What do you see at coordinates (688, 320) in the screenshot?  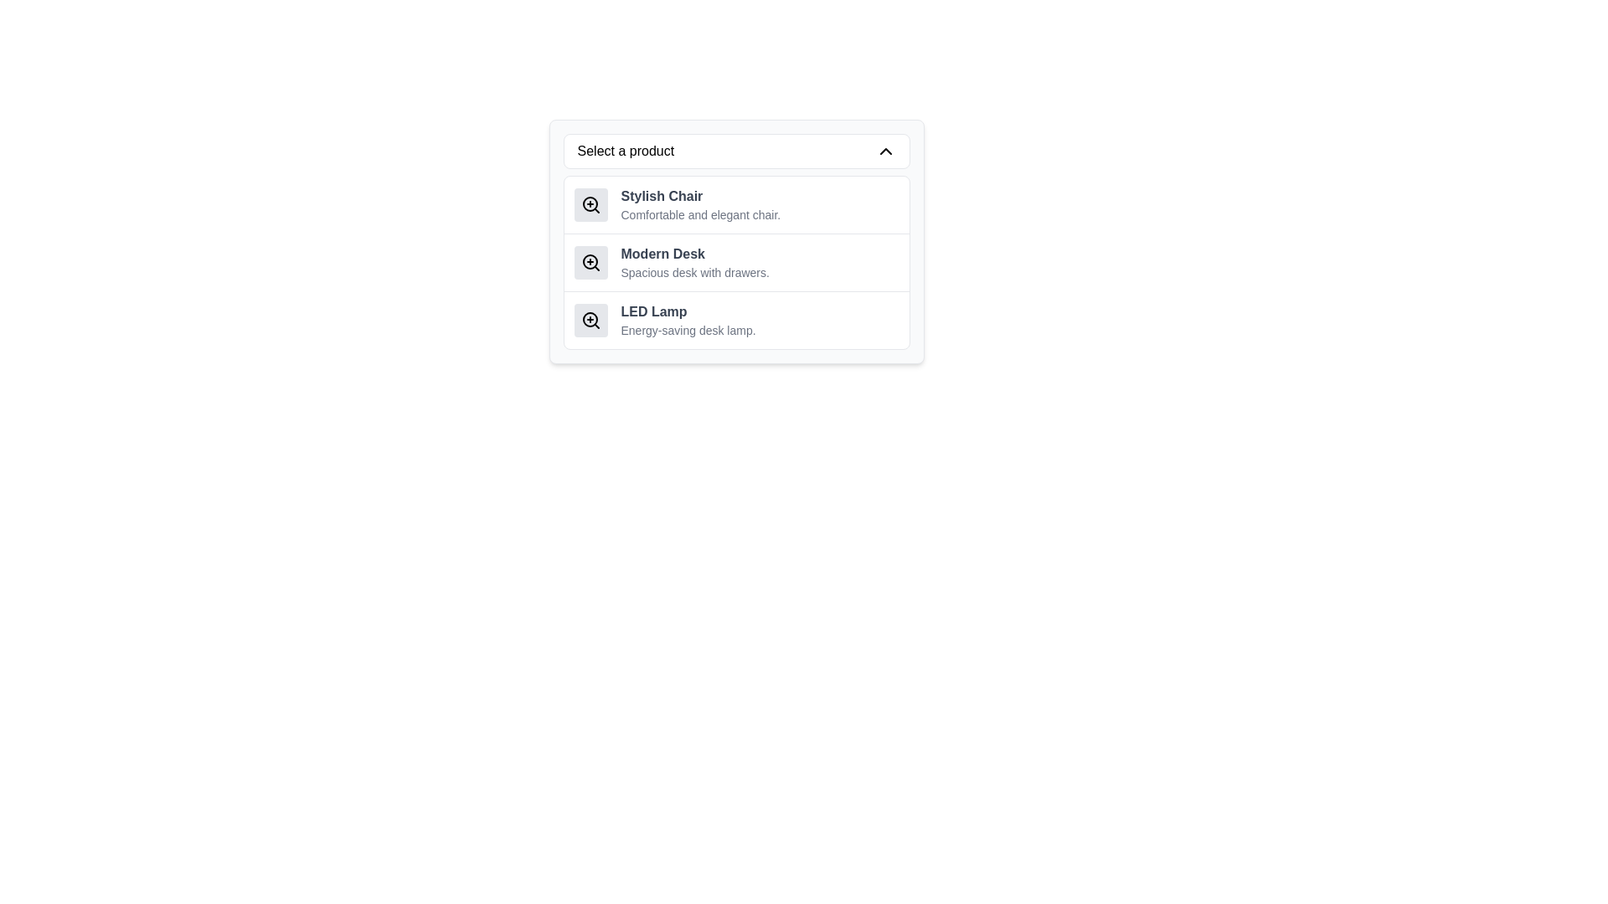 I see `the third item in the dropdown menu labeled 'Select a product', which contains the bold text 'LED Lamp' and the smaller gray text 'Energy-saving desk lamp.'` at bounding box center [688, 320].